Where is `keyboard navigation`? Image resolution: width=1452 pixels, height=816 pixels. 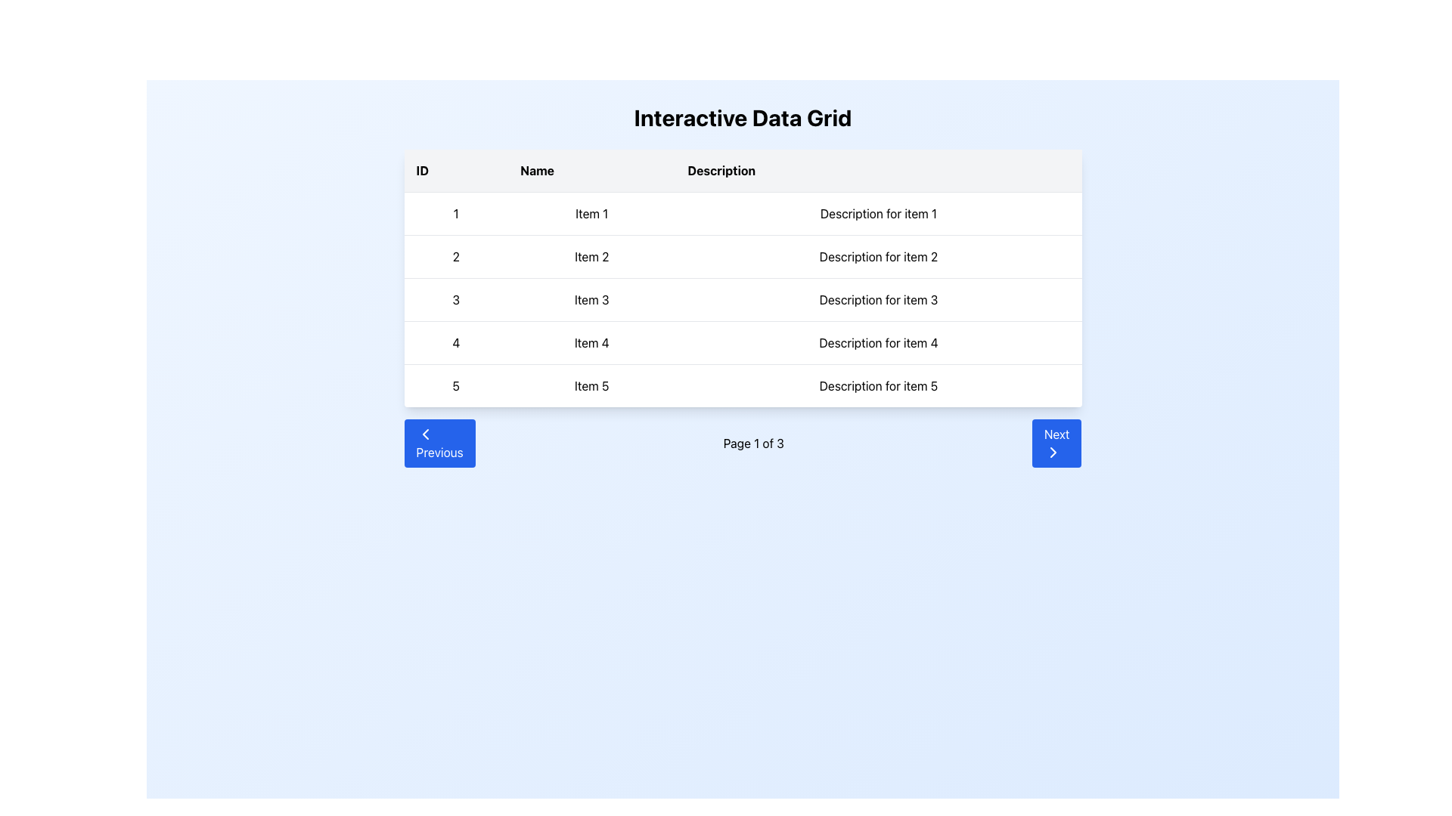 keyboard navigation is located at coordinates (743, 308).